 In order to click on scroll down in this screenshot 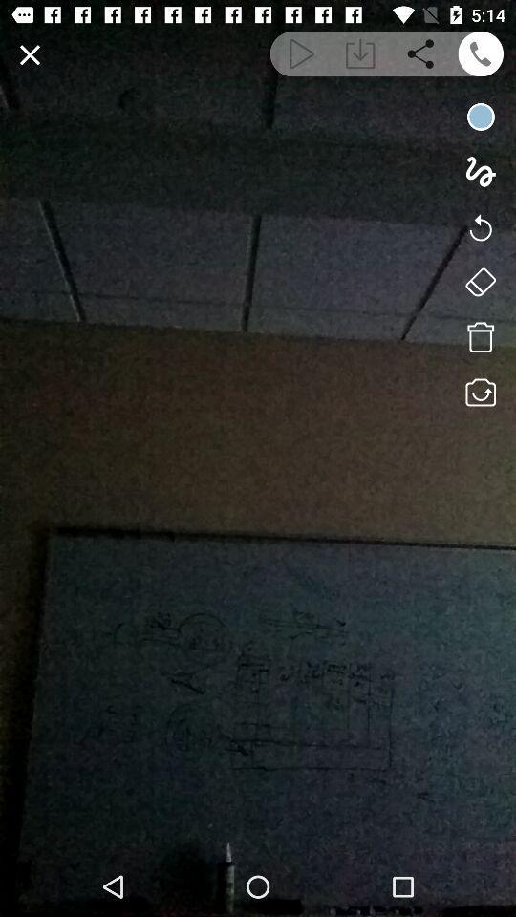, I will do `click(360, 53)`.